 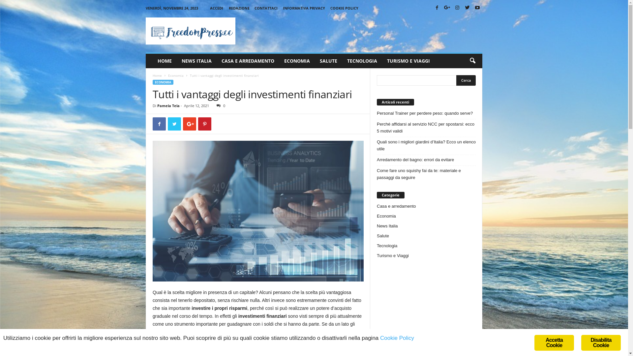 I want to click on 'Turismo e Viaggi', so click(x=393, y=255).